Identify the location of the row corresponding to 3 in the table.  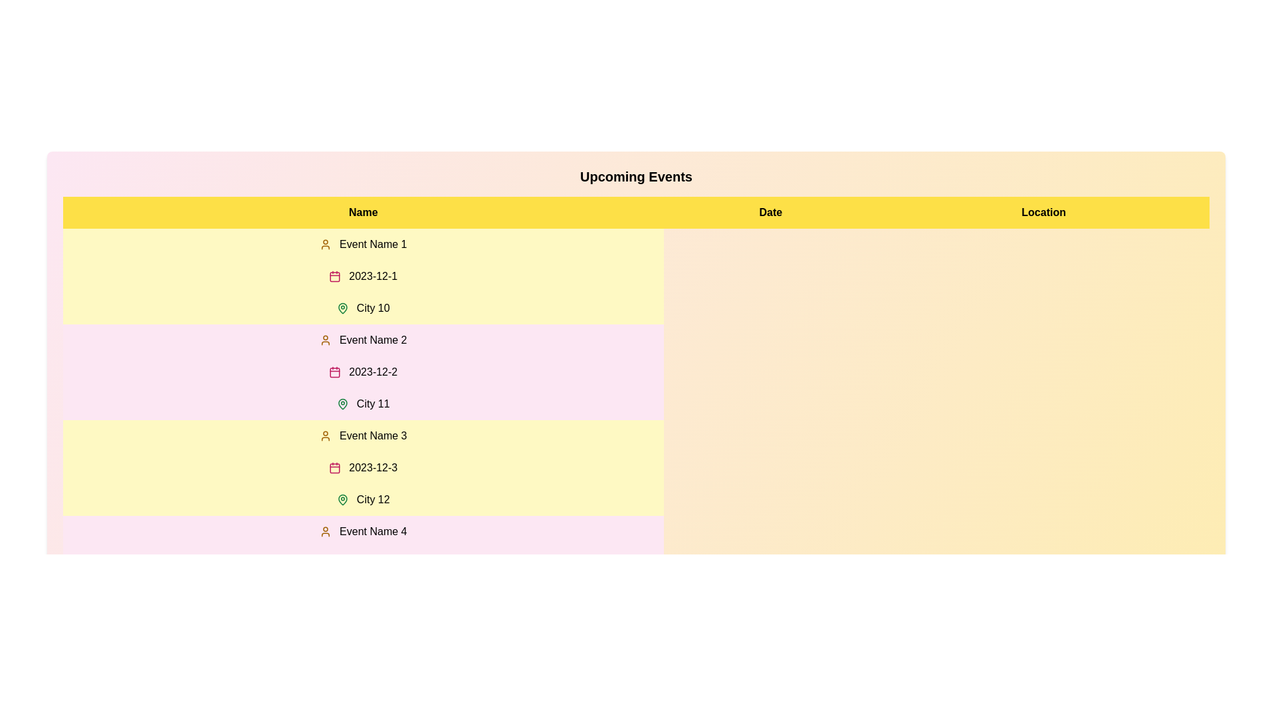
(363, 467).